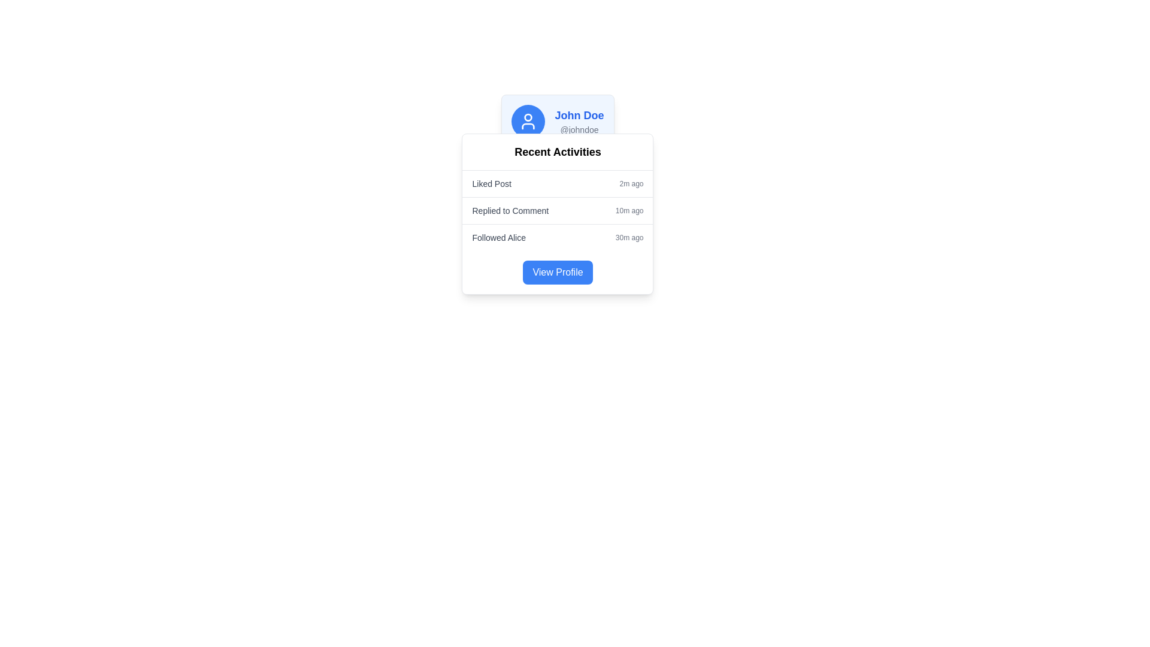 The width and height of the screenshot is (1150, 647). I want to click on the username label located directly below 'John Doe' in the user profile header, so click(579, 129).